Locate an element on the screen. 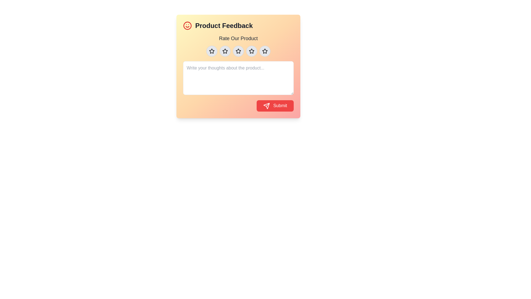 Image resolution: width=531 pixels, height=299 pixels. the first star icon in the rating interface located under the 'Rate Our Product' label is located at coordinates (212, 51).